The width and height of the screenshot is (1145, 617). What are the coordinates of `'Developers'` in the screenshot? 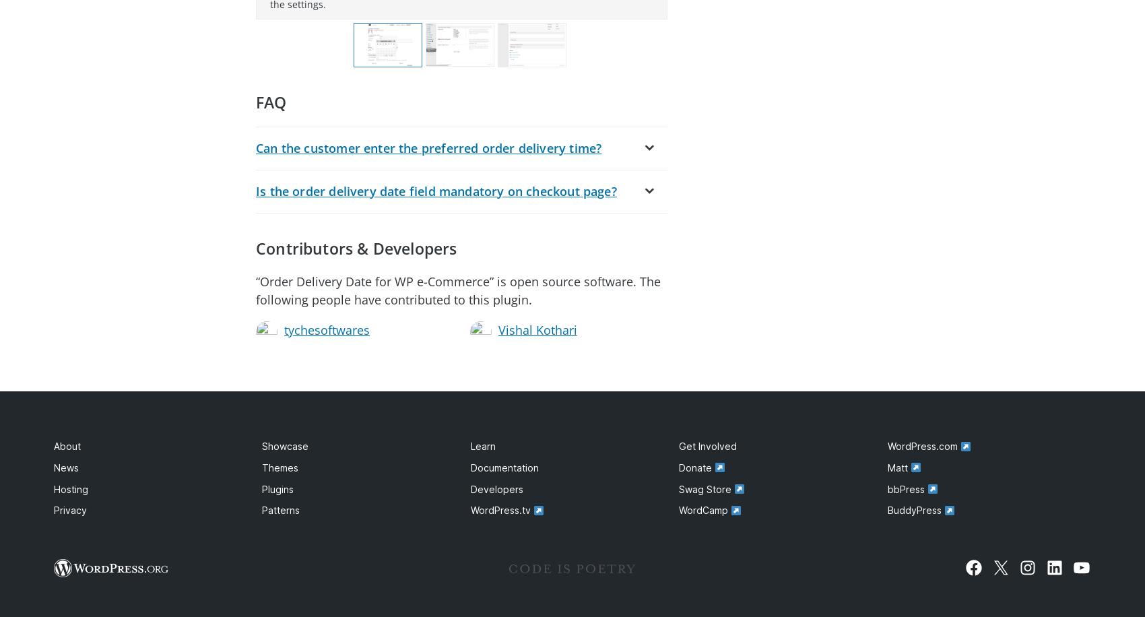 It's located at (496, 488).